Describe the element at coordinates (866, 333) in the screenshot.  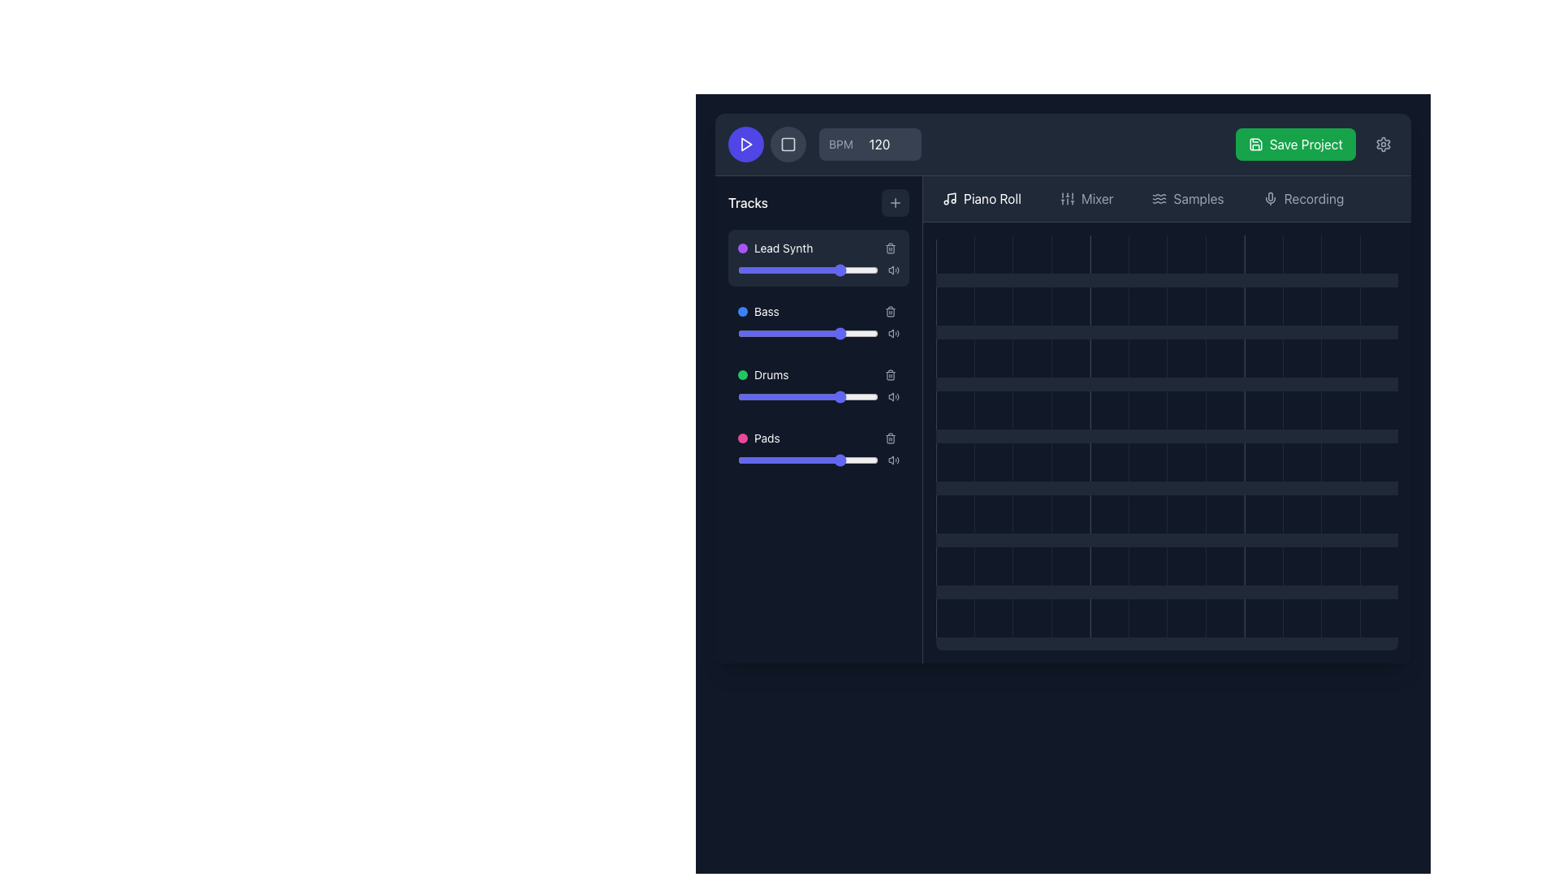
I see `the slider` at that location.